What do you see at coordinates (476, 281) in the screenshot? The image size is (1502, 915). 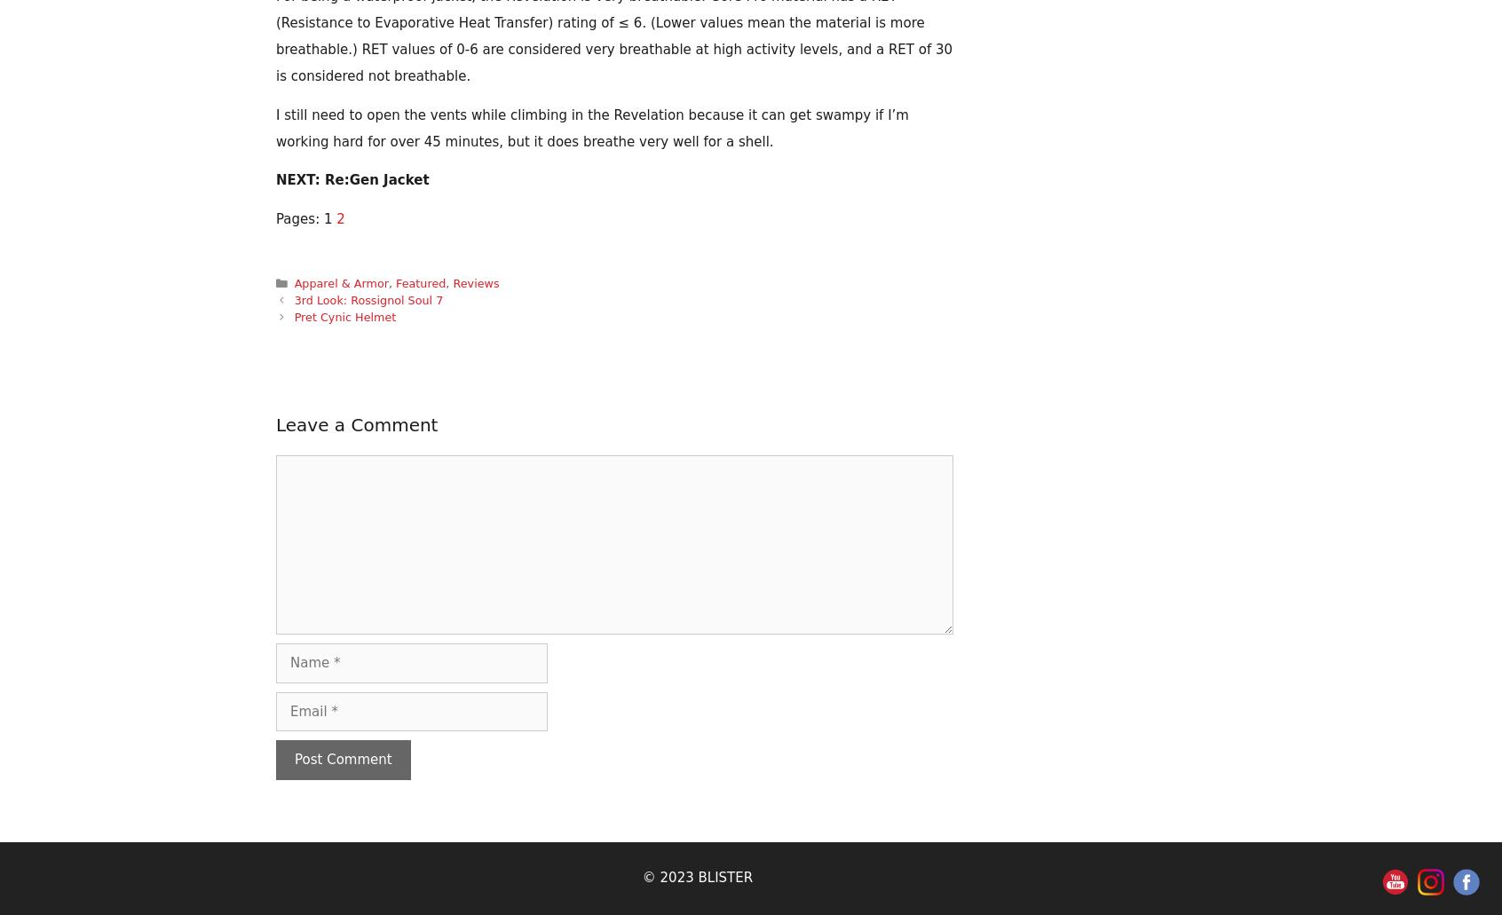 I see `'Reviews'` at bounding box center [476, 281].